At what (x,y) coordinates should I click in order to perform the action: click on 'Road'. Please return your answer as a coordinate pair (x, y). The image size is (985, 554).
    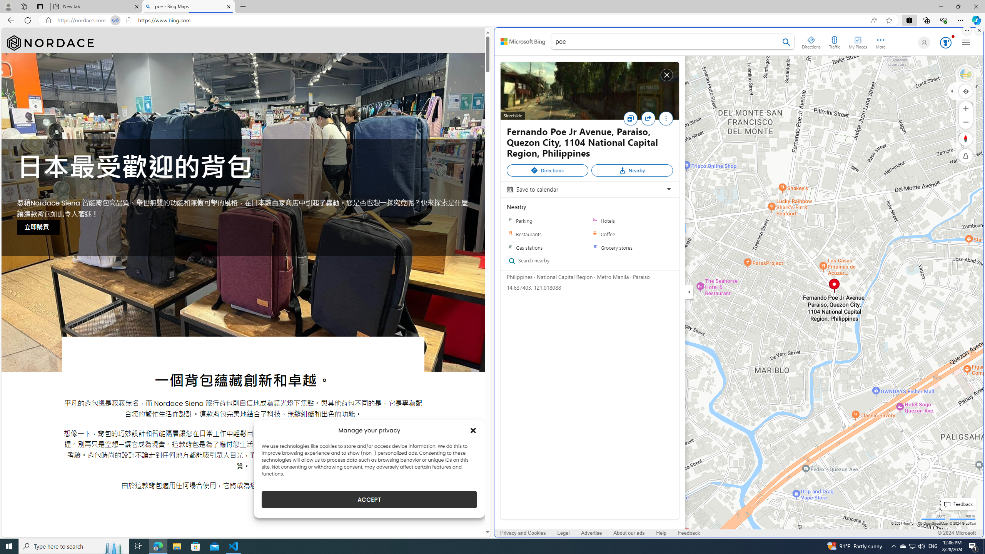
    Looking at the image, I should click on (966, 74).